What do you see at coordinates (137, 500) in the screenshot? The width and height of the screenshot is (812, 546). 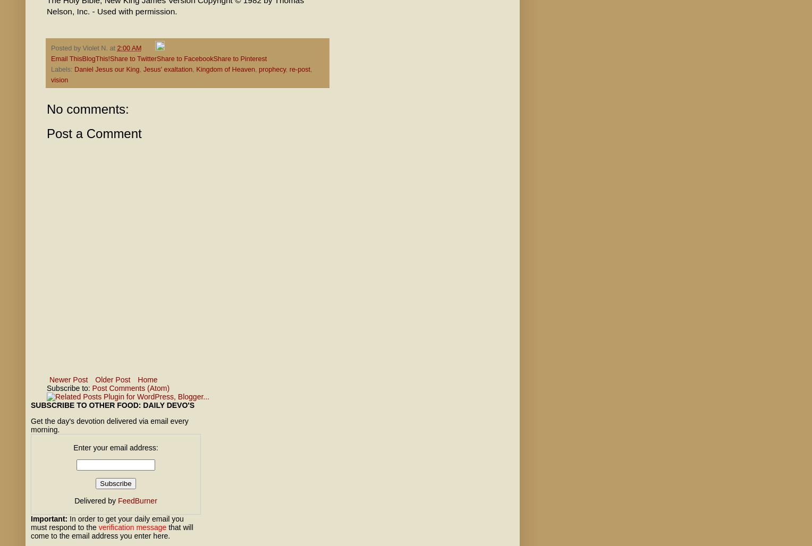 I see `'FeedBurner'` at bounding box center [137, 500].